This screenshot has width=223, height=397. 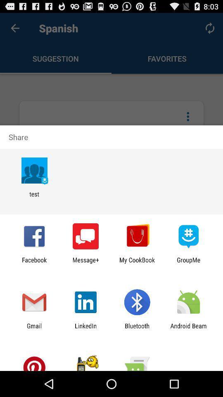 I want to click on icon next to the android beam item, so click(x=137, y=329).